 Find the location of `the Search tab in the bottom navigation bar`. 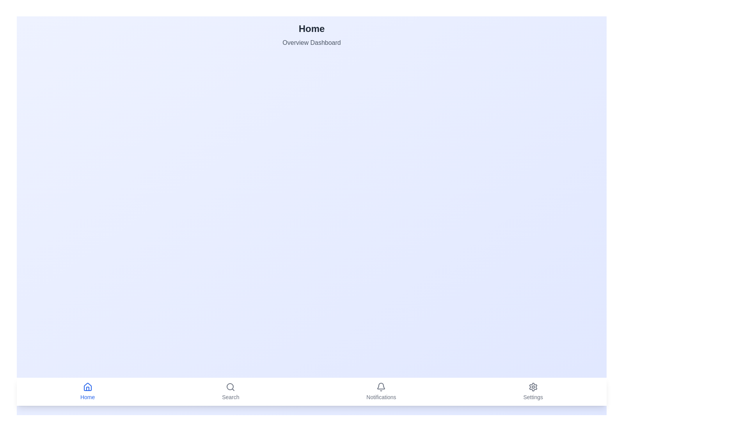

the Search tab in the bottom navigation bar is located at coordinates (230, 392).